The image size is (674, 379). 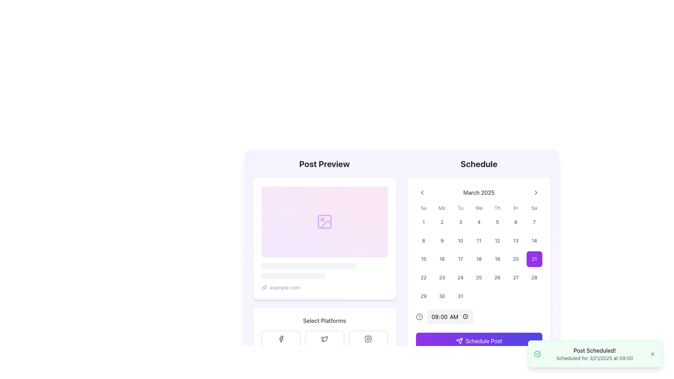 What do you see at coordinates (497, 208) in the screenshot?
I see `the Static Text Label displaying 'Th', which is styled in gray and centrally aligned, located in the fifth position of the top row in a calendar-like grid layout` at bounding box center [497, 208].